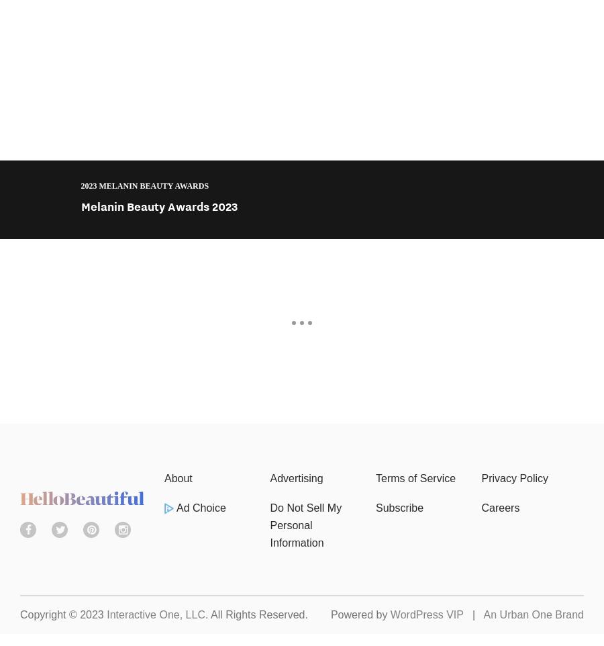 The width and height of the screenshot is (604, 646). I want to click on 'About', so click(177, 477).